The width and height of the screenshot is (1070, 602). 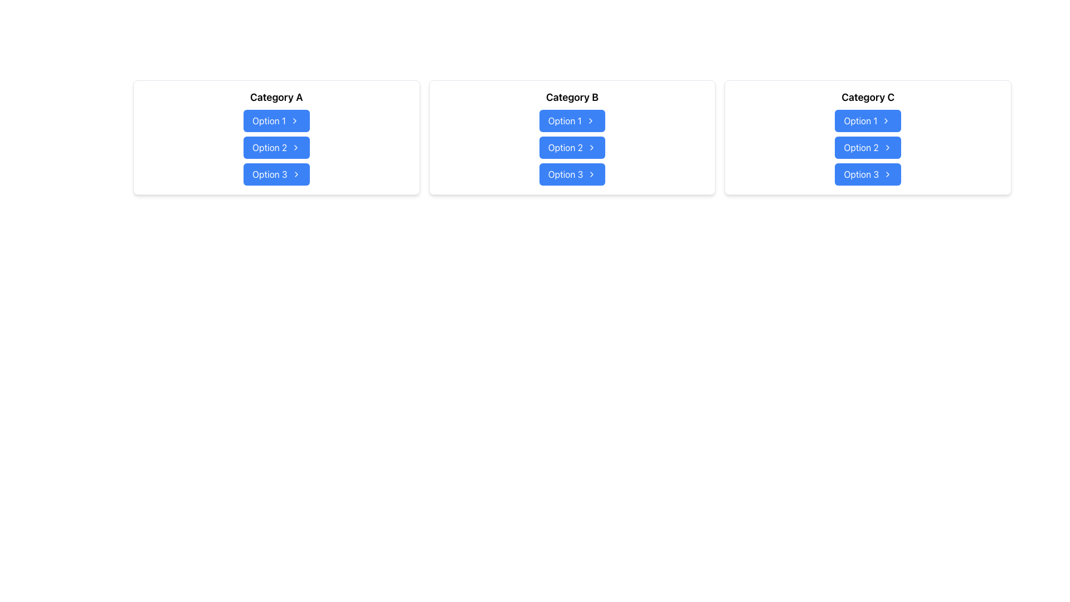 What do you see at coordinates (867, 120) in the screenshot?
I see `the button labeled 'Option 1' with a blue background and an arrow icon` at bounding box center [867, 120].